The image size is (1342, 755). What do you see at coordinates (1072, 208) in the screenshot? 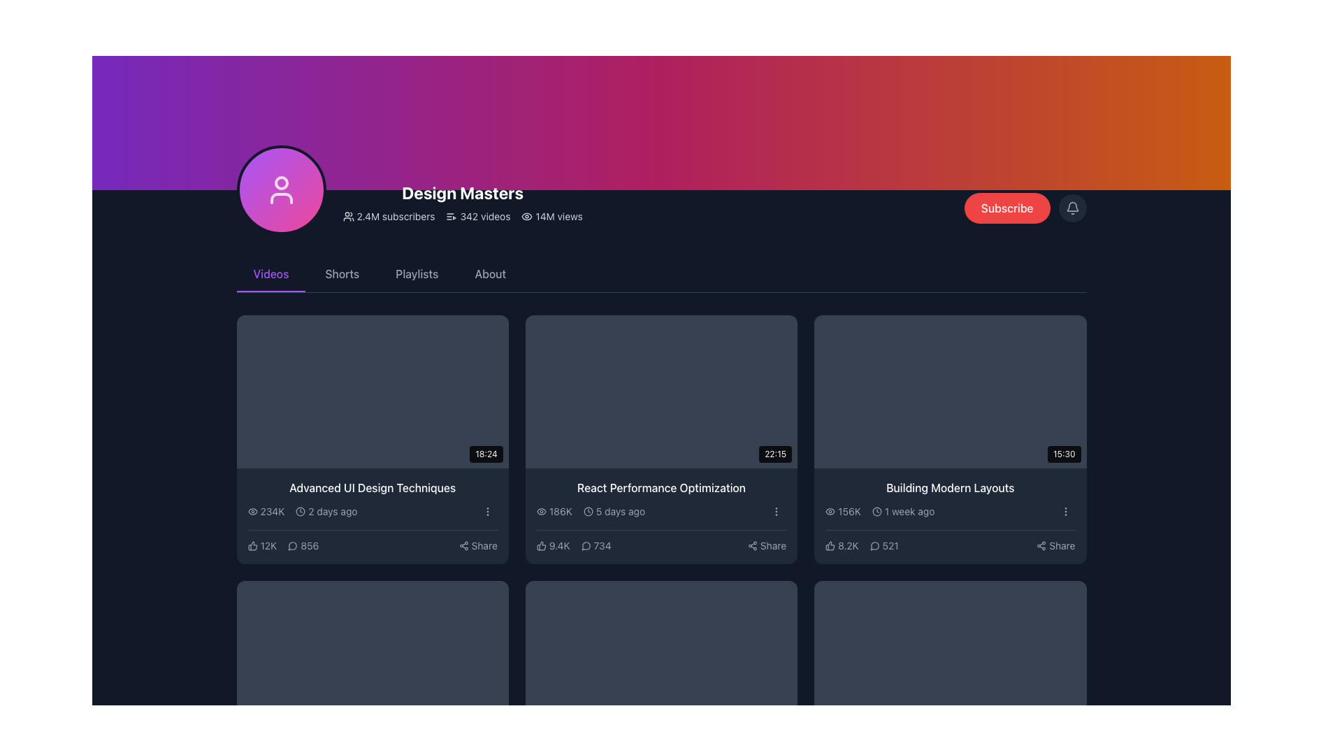
I see `the notification bell icon located on the right side of the top navigation bar` at bounding box center [1072, 208].